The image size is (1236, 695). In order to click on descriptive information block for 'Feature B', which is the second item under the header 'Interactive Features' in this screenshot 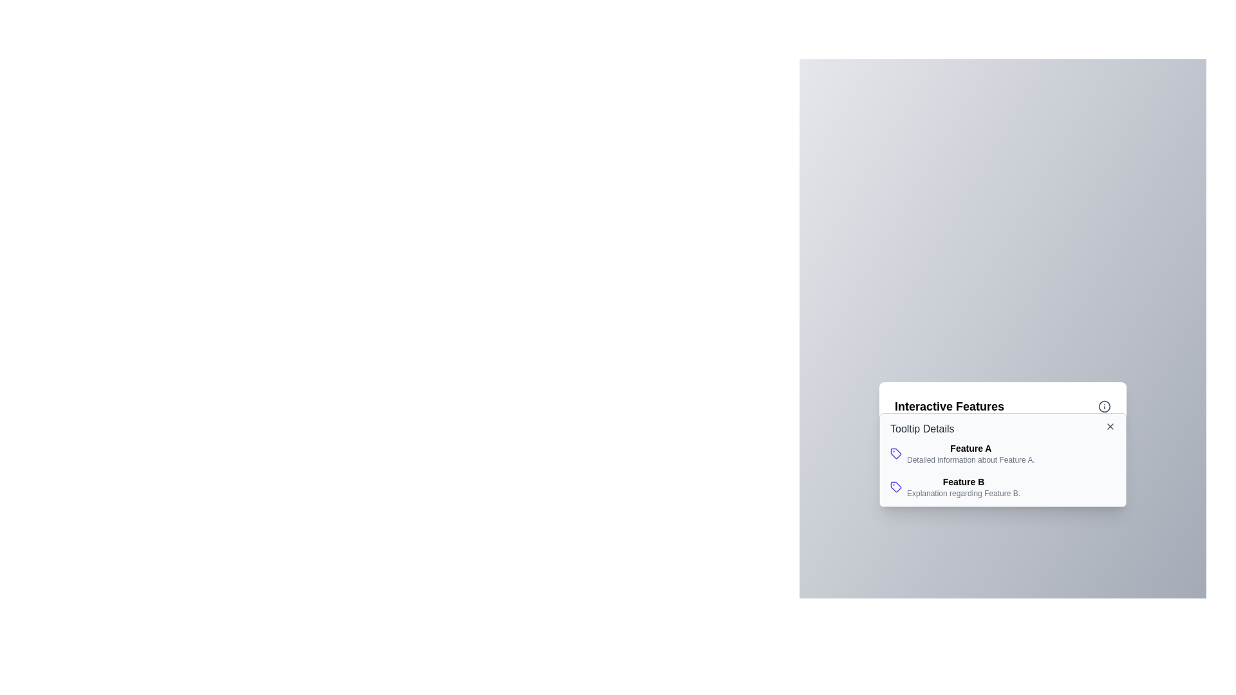, I will do `click(1002, 486)`.